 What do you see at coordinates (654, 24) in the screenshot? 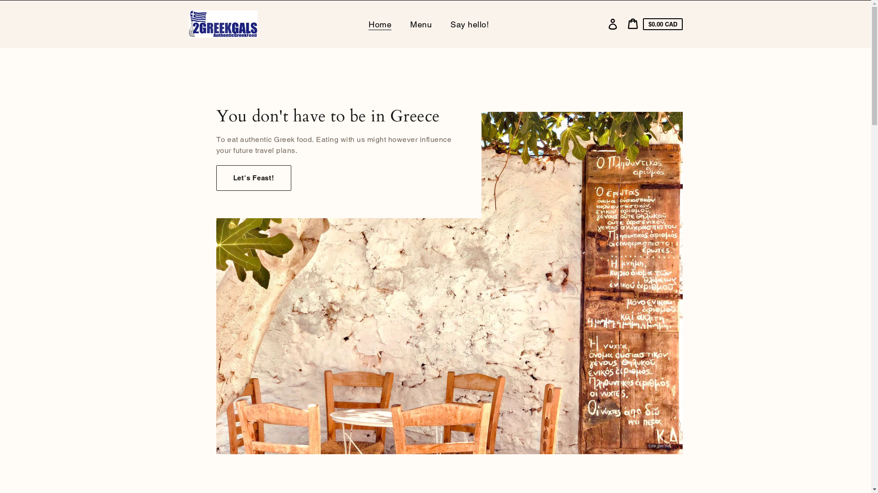
I see `'Cart` at bounding box center [654, 24].